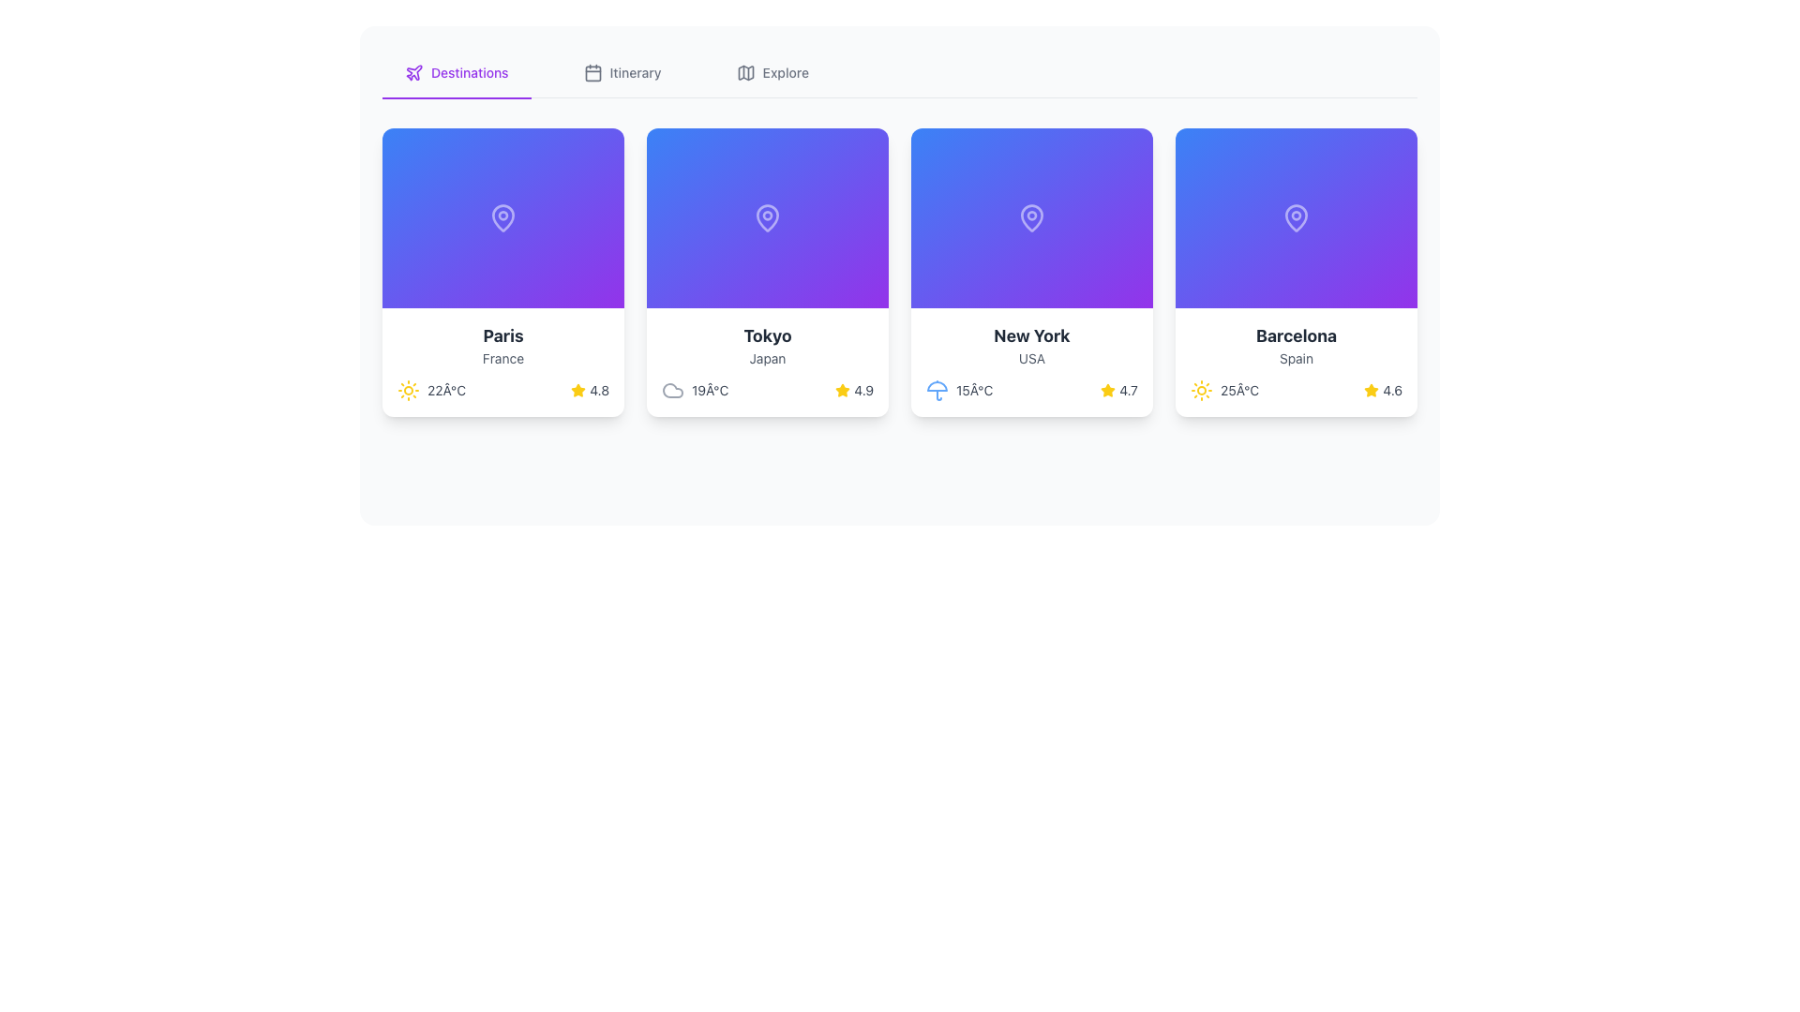  Describe the element at coordinates (1239, 389) in the screenshot. I see `the text label displaying the current temperature for Barcelona, located at the bottom-left corner of the Barcelona card, next to a sun icon` at that location.